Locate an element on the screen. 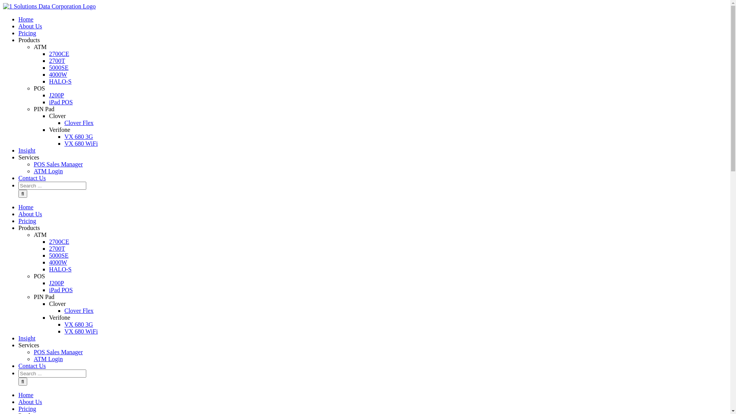 Image resolution: width=736 pixels, height=414 pixels. 'iPad POS' is located at coordinates (60, 102).